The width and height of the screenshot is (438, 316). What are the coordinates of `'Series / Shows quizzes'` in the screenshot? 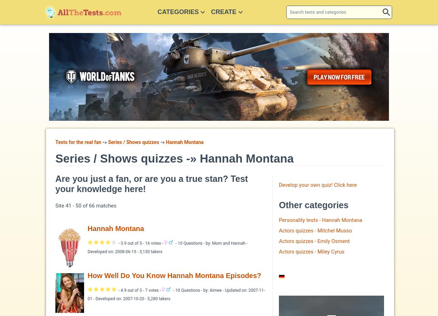 It's located at (134, 142).